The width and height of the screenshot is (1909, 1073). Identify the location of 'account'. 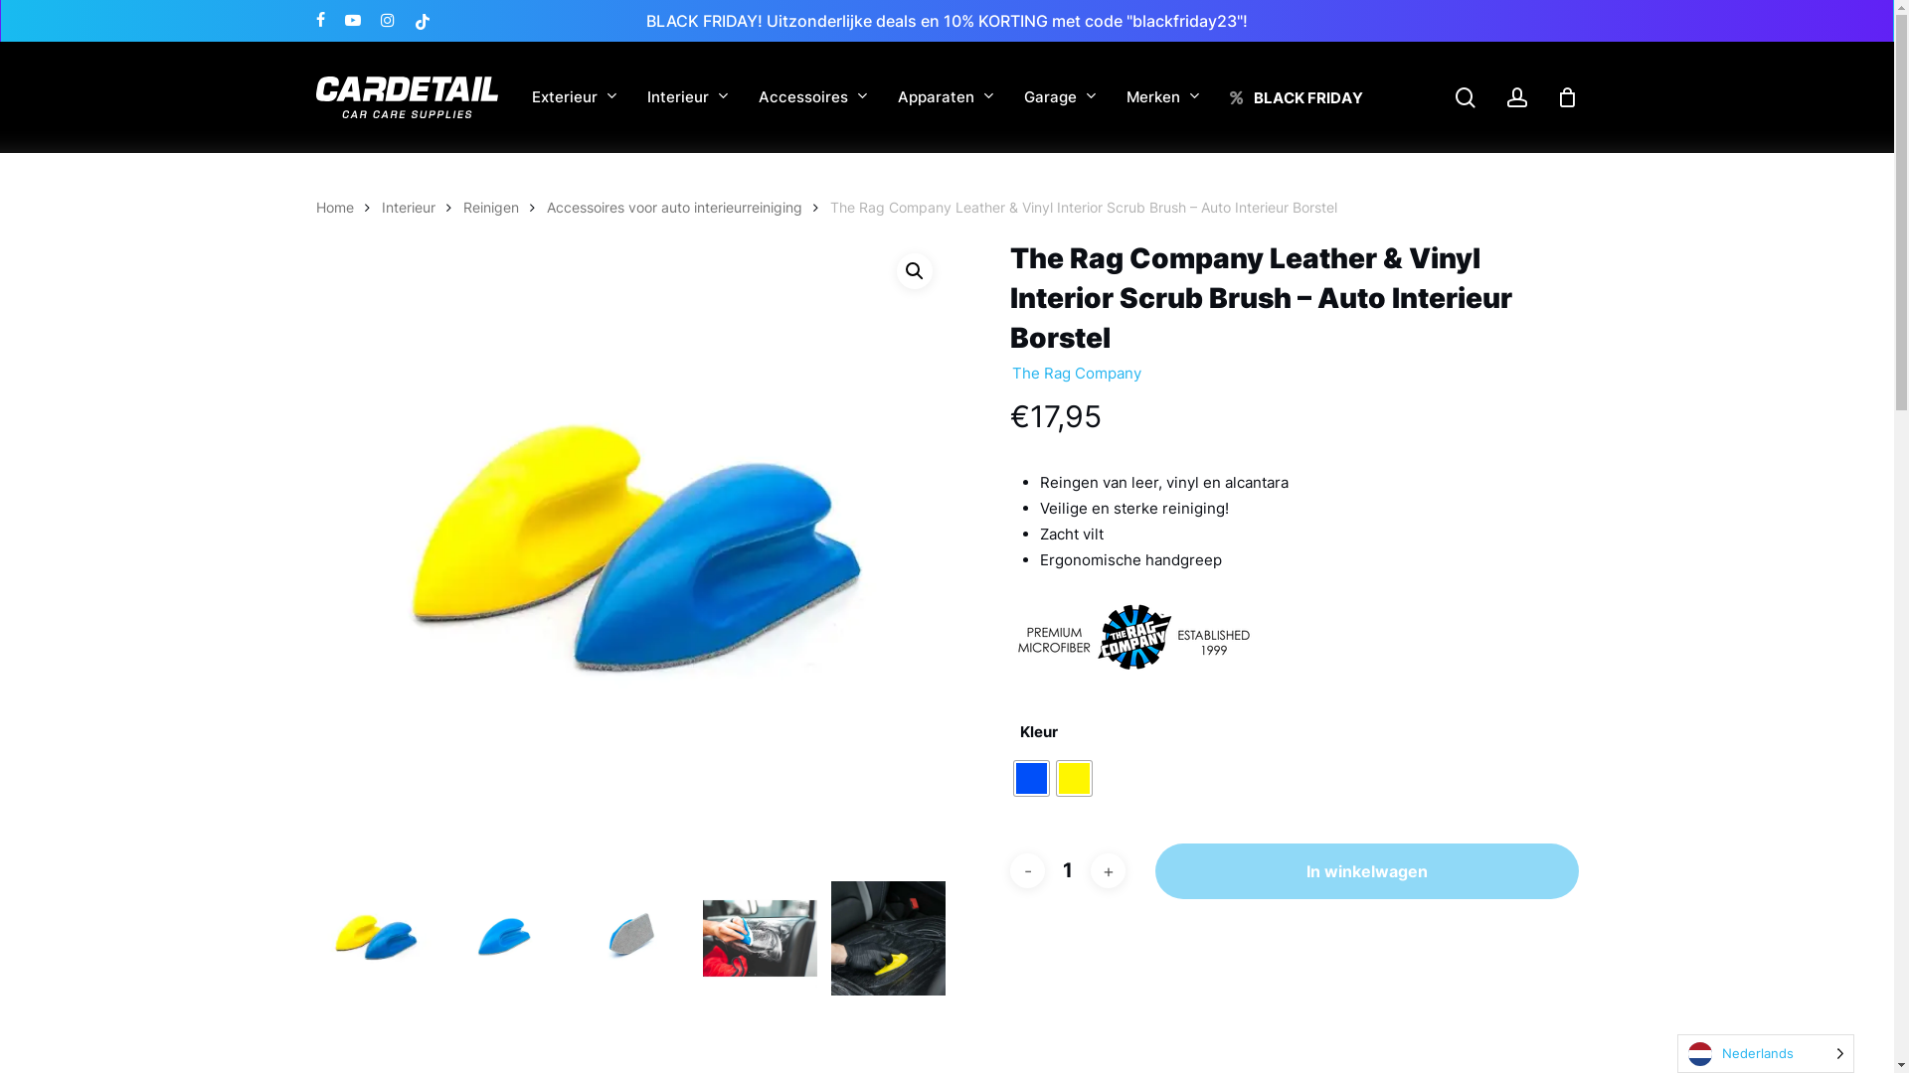
(1504, 97).